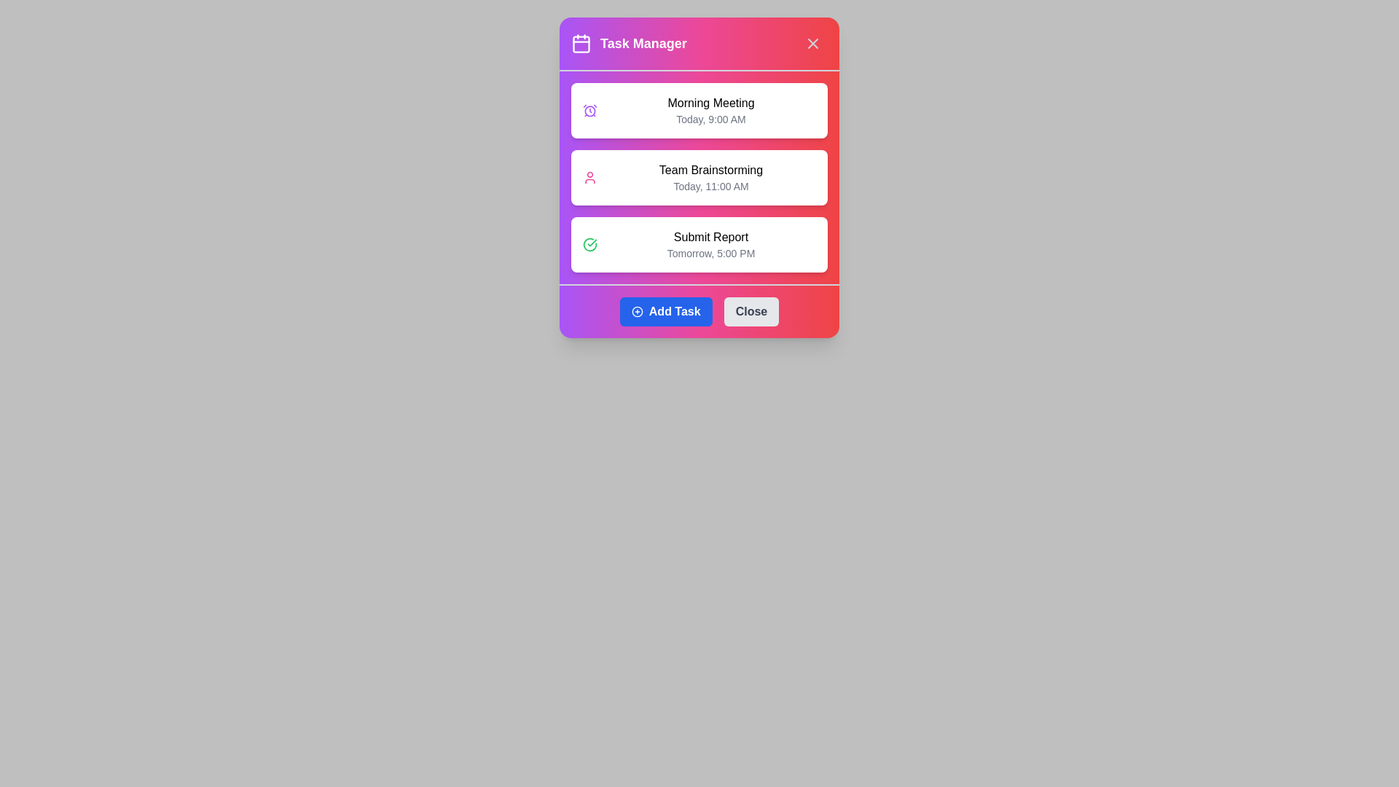 The width and height of the screenshot is (1399, 787). What do you see at coordinates (710, 109) in the screenshot?
I see `the 'Morning Meeting' label element, which displays the title in bold and the subtitle in a lighter gray font, located right of a purple clock icon in the Task Manager window` at bounding box center [710, 109].